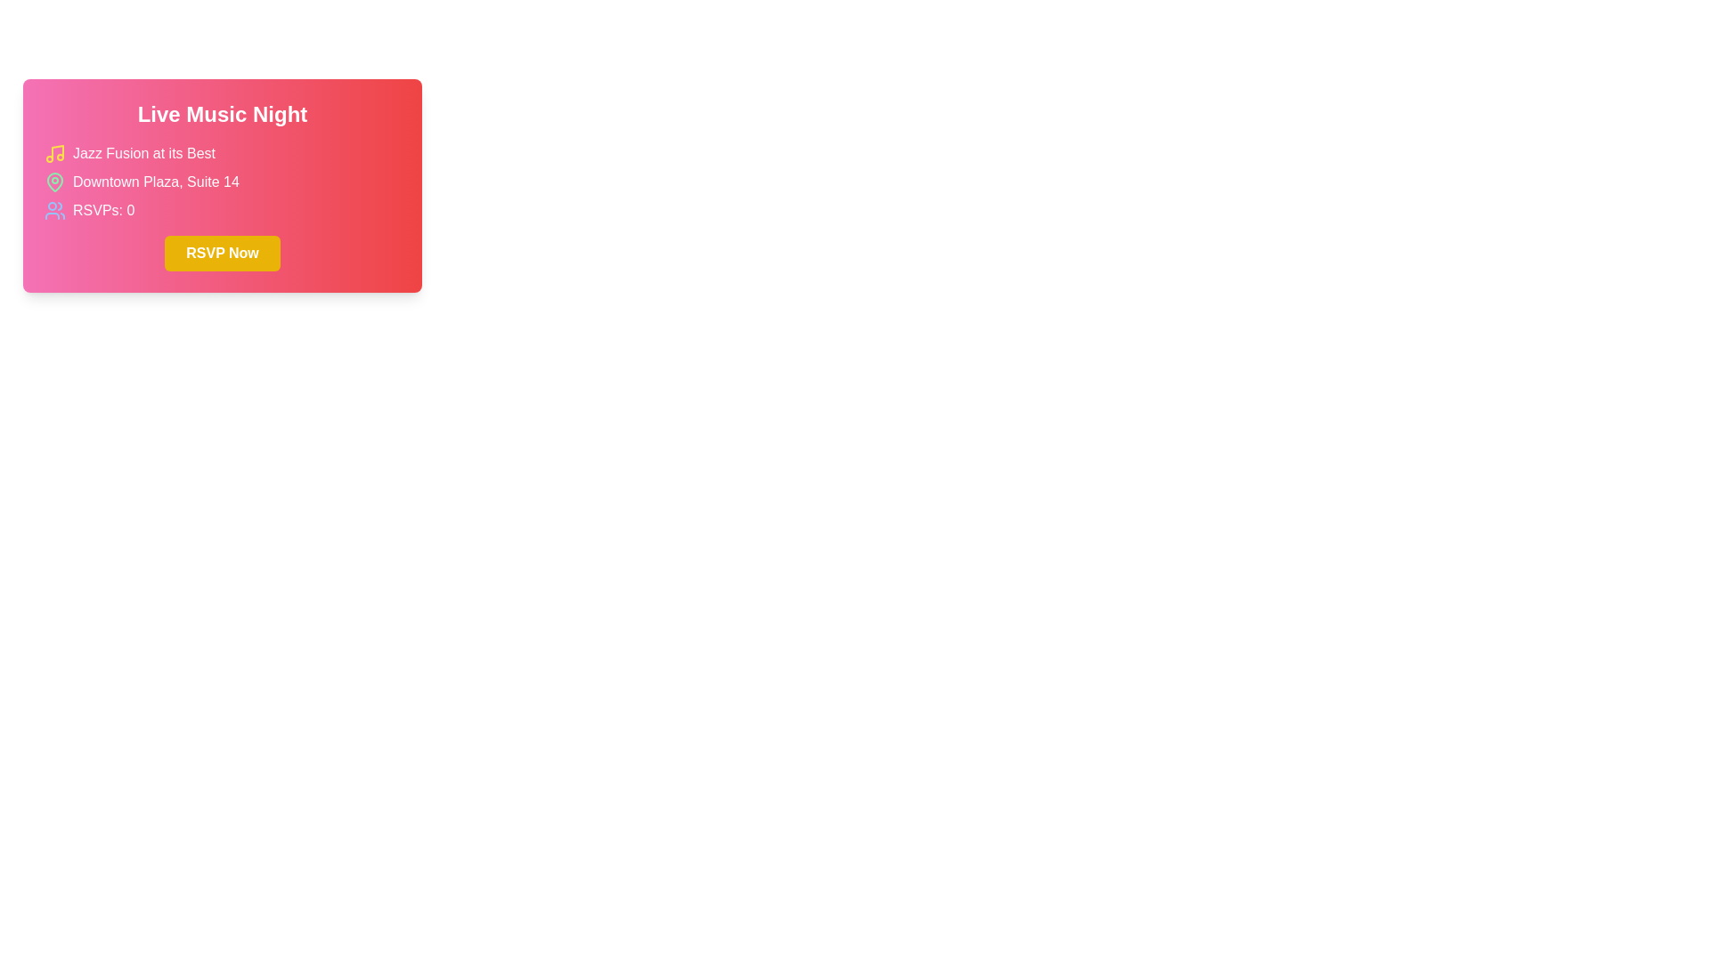  What do you see at coordinates (55, 209) in the screenshot?
I see `the SVG icon representing attendees in the RSVP section, which is positioned slightly to the left of the 'RSVPs: 0' text within the lower region of the highlighted event card` at bounding box center [55, 209].